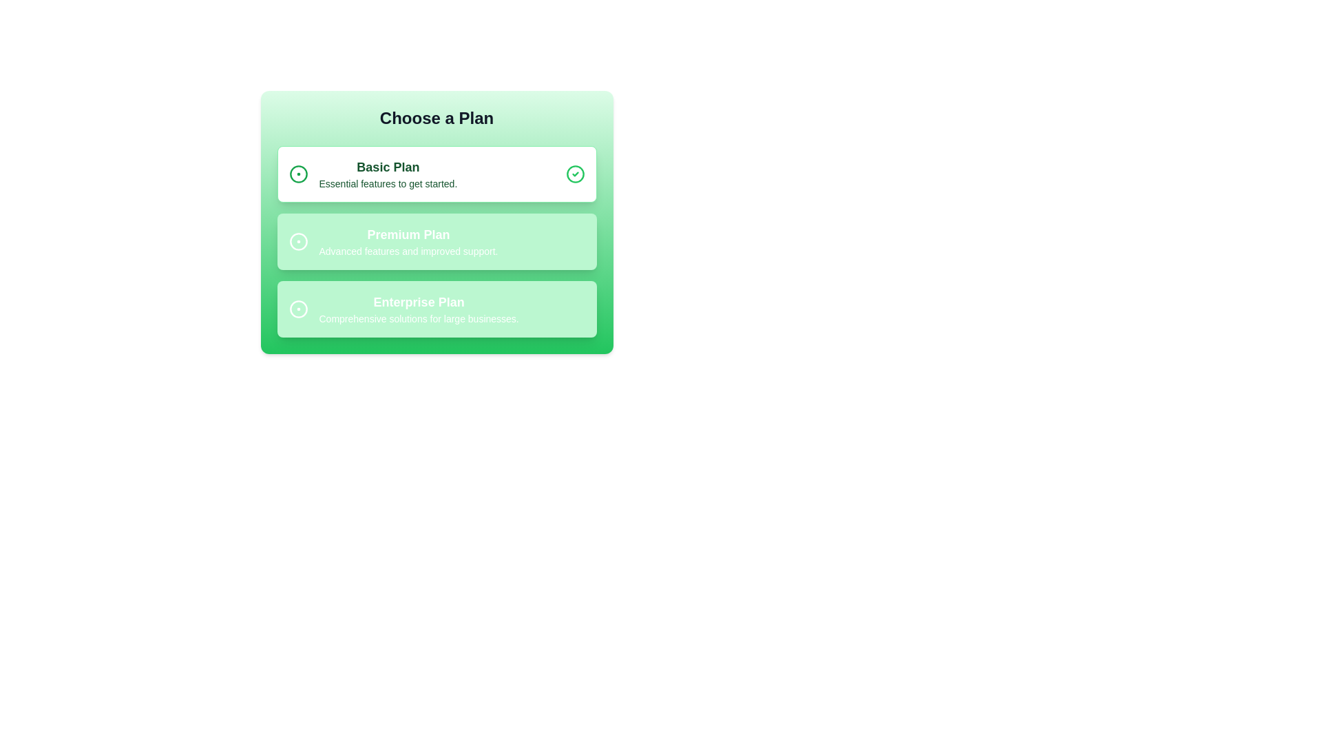  What do you see at coordinates (418, 318) in the screenshot?
I see `the descriptive text element providing information about the 'Enterprise Plan' option, which is located directly below the 'Enterprise Plan' title` at bounding box center [418, 318].